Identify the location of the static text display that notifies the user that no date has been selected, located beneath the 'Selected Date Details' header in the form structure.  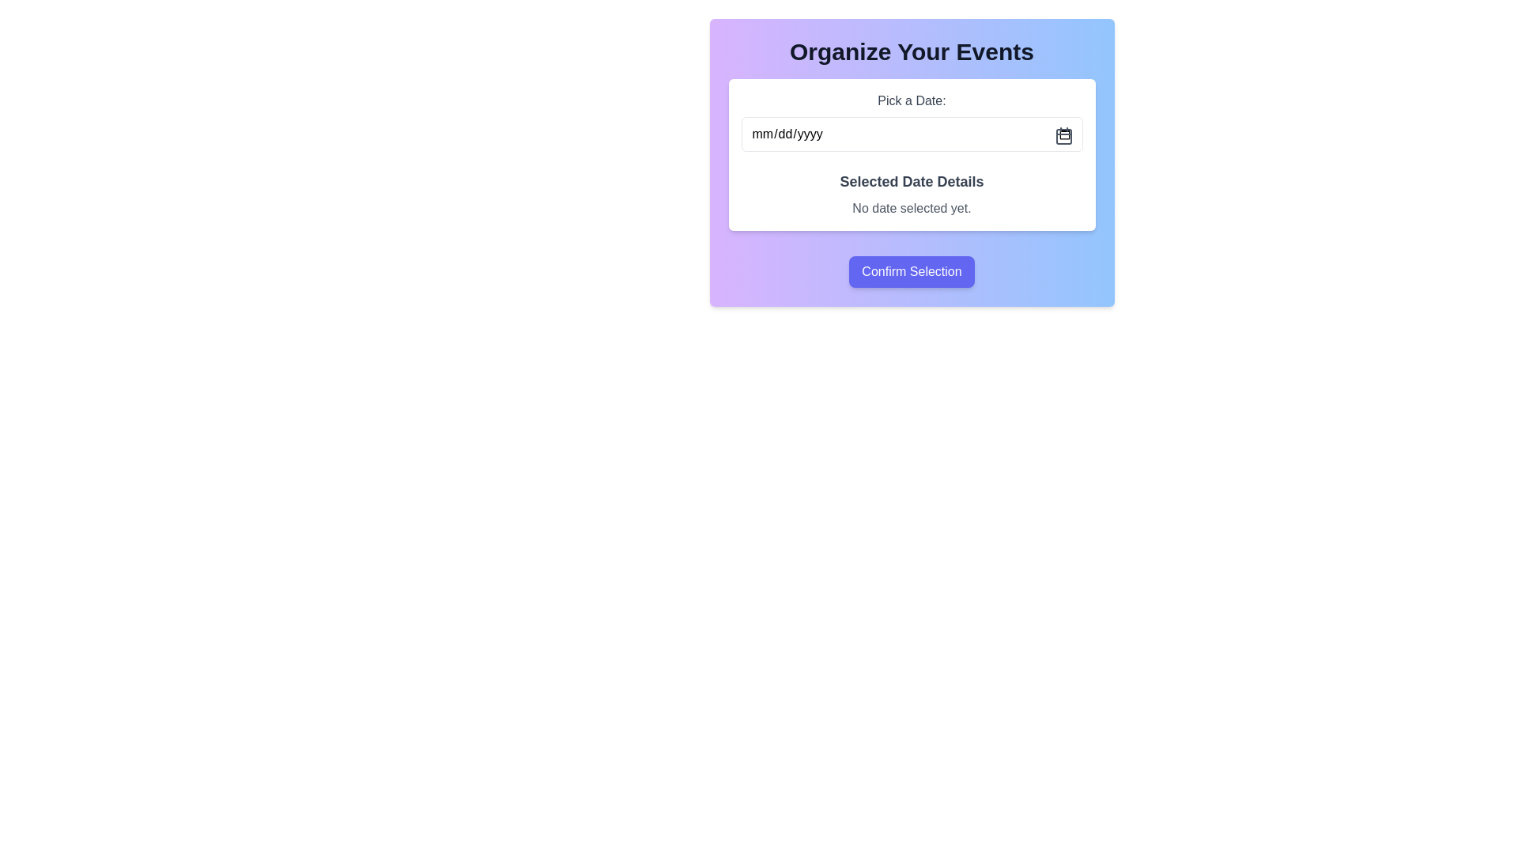
(912, 207).